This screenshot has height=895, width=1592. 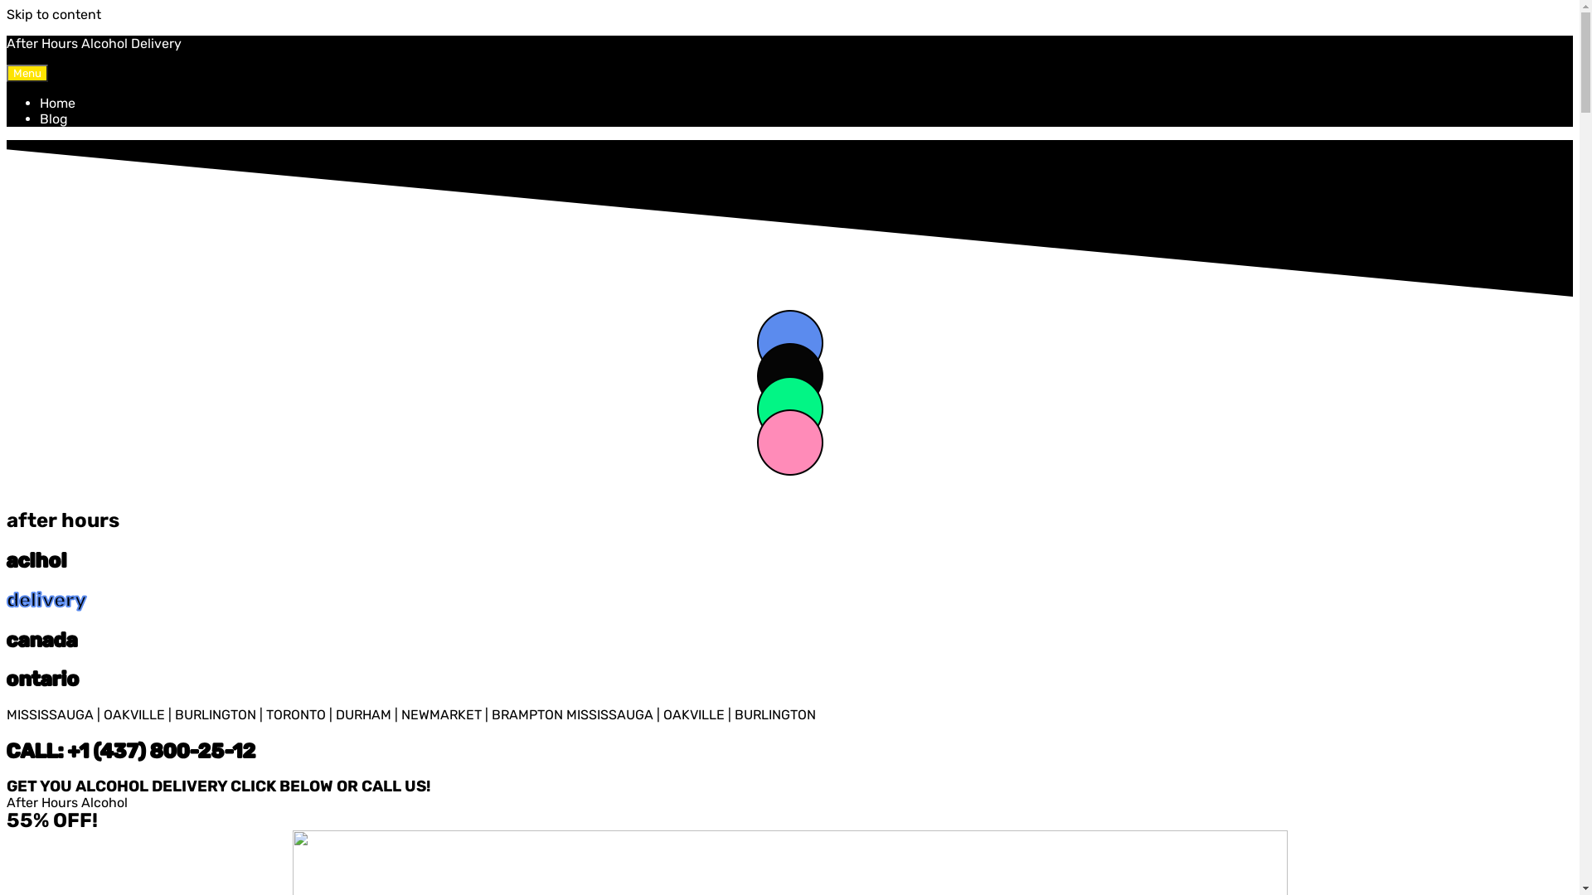 I want to click on 'Home', so click(x=57, y=103).